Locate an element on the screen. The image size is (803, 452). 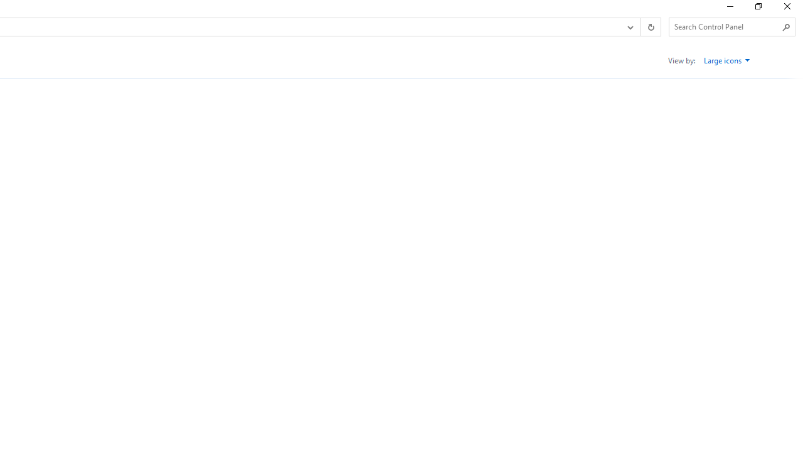
'Restore' is located at coordinates (757, 9).